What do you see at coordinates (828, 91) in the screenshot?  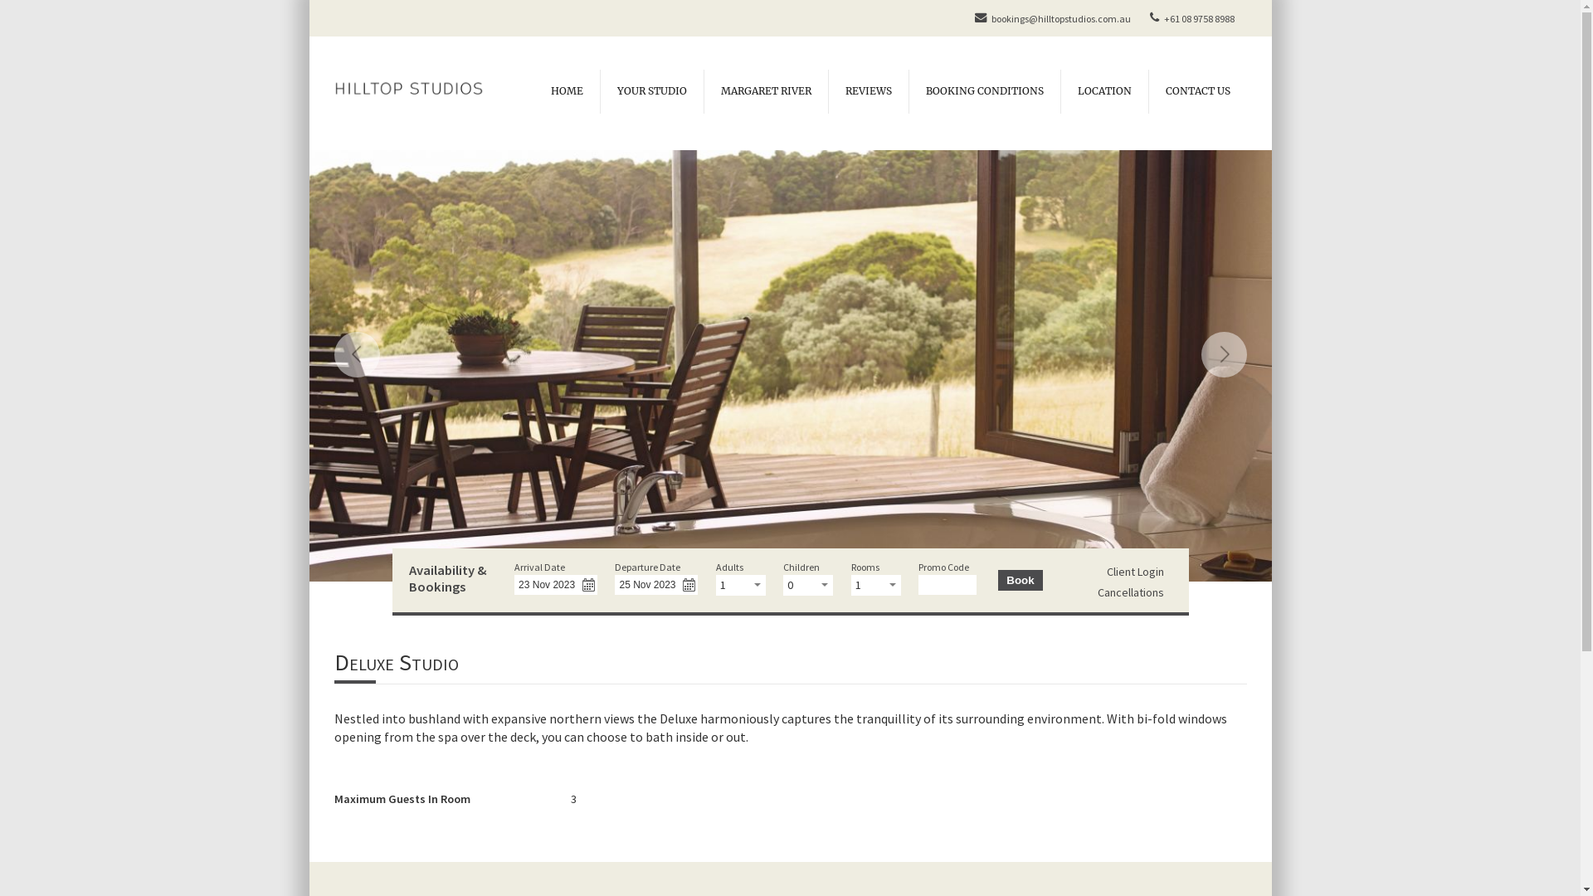 I see `'REVIEWS'` at bounding box center [828, 91].